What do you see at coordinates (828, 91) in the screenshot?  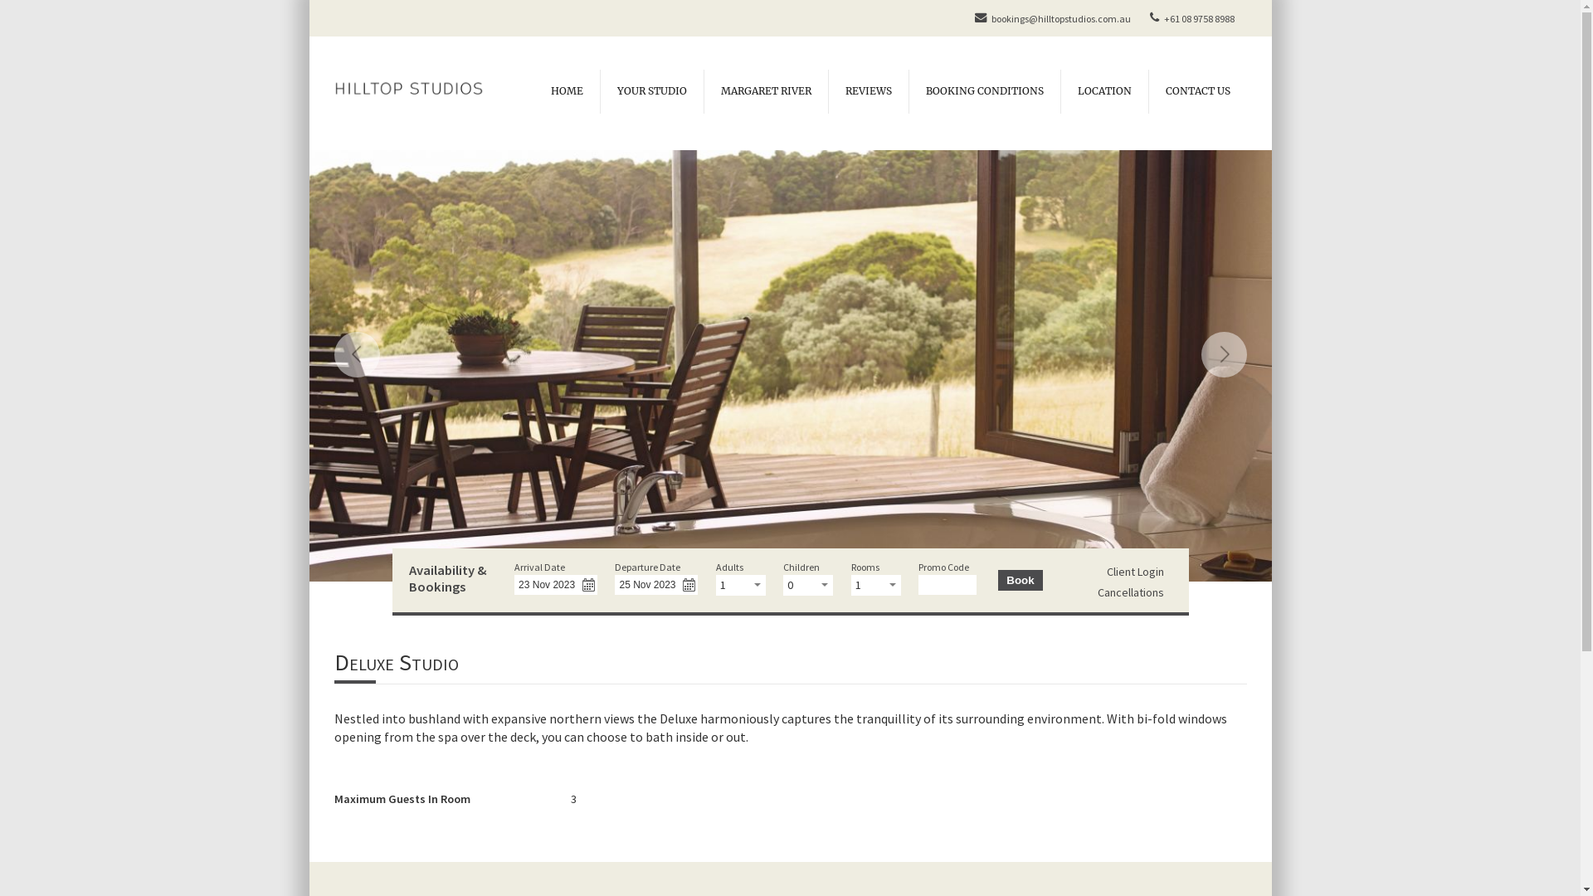 I see `'REVIEWS'` at bounding box center [828, 91].